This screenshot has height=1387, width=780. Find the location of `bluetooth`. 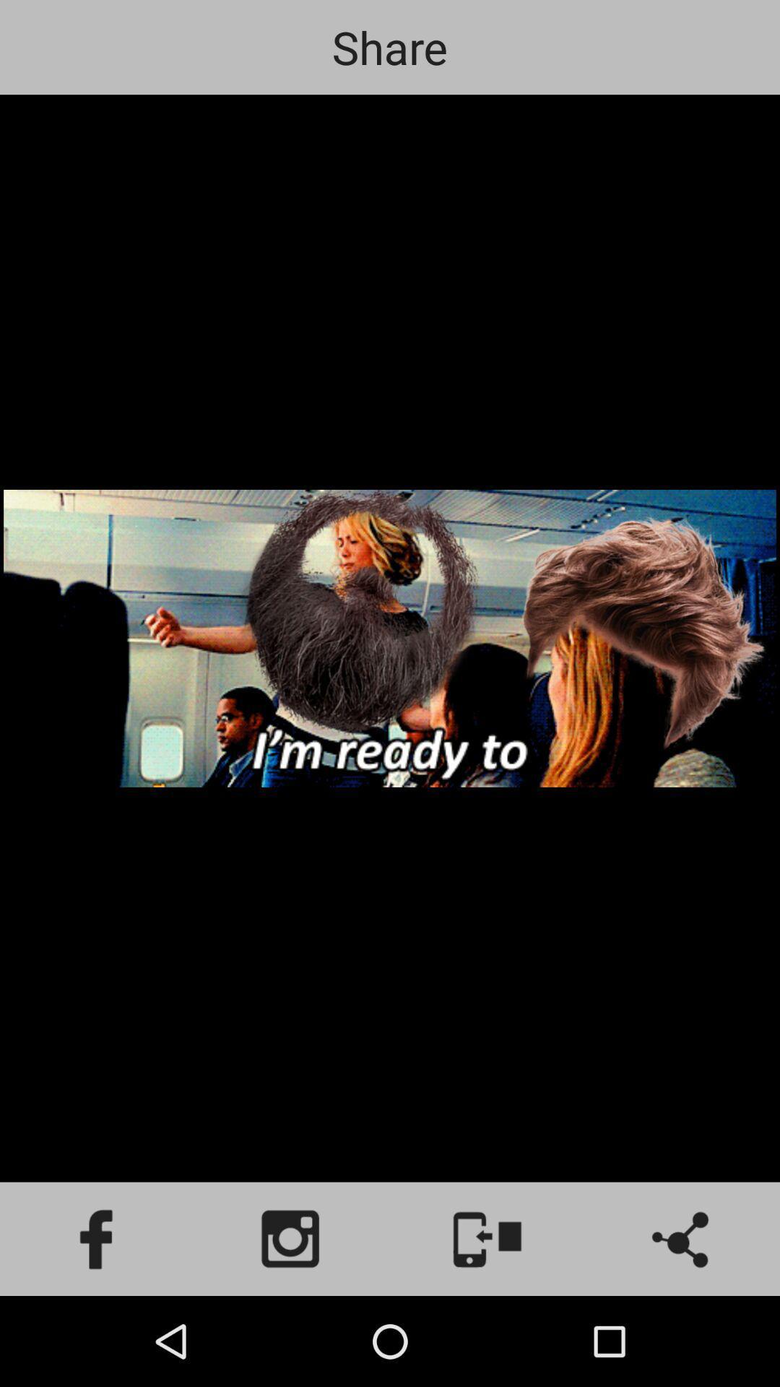

bluetooth is located at coordinates (682, 1238).